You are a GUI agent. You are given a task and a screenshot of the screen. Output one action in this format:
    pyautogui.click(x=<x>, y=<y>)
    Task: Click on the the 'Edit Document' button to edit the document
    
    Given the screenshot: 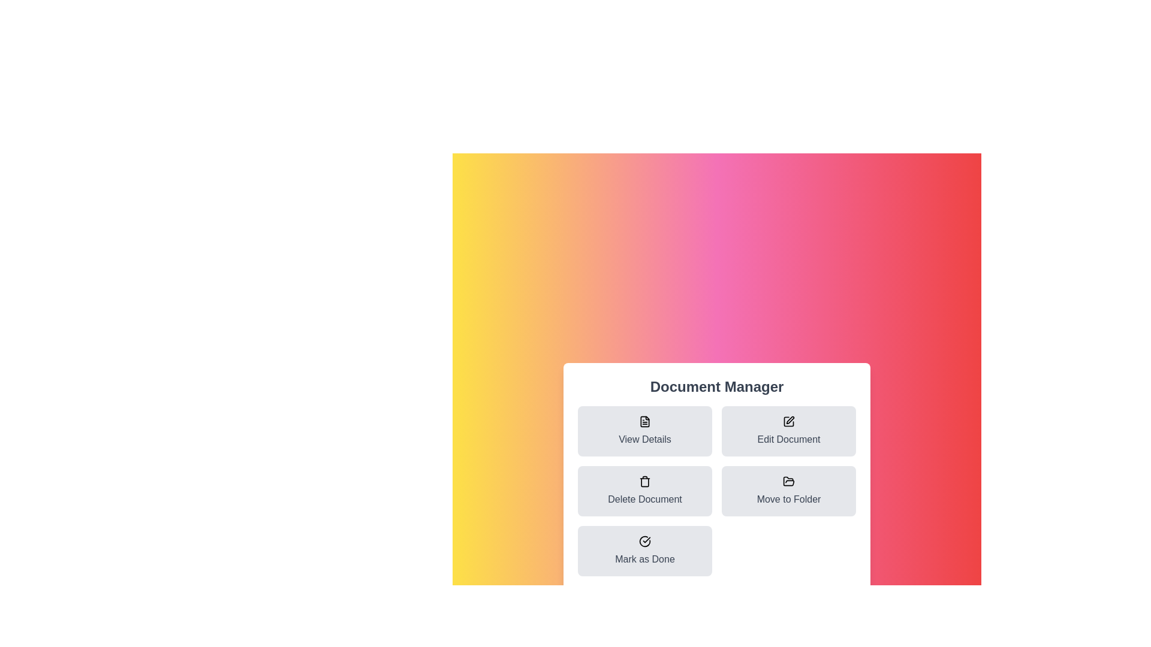 What is the action you would take?
    pyautogui.click(x=788, y=431)
    